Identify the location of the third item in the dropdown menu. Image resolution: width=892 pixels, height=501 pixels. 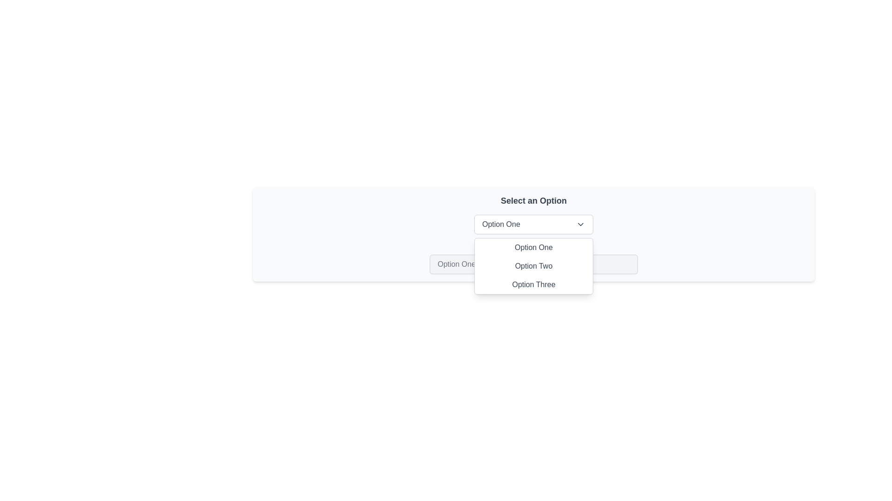
(533, 284).